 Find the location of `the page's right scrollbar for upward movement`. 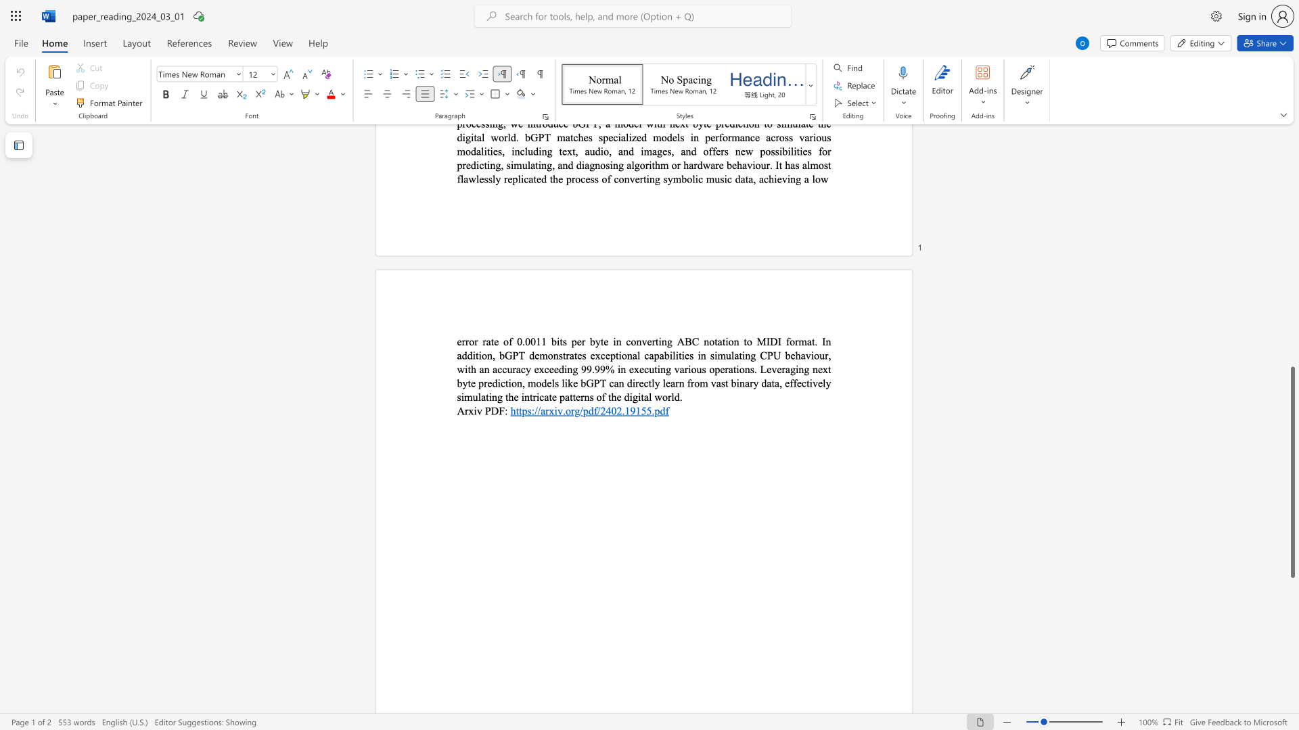

the page's right scrollbar for upward movement is located at coordinates (1292, 289).